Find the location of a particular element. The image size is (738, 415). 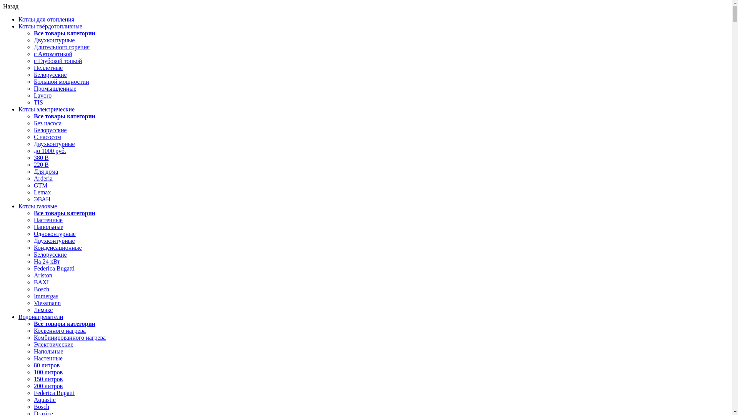

'Viessmann' is located at coordinates (33, 302).